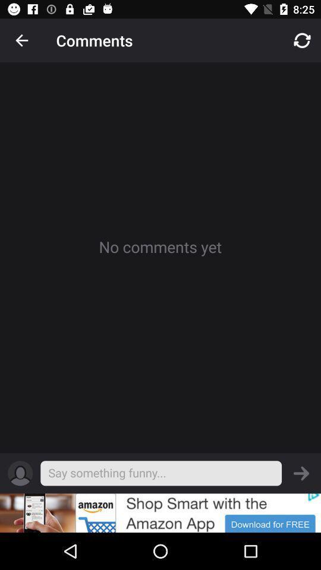  Describe the element at coordinates (301, 473) in the screenshot. I see `send` at that location.